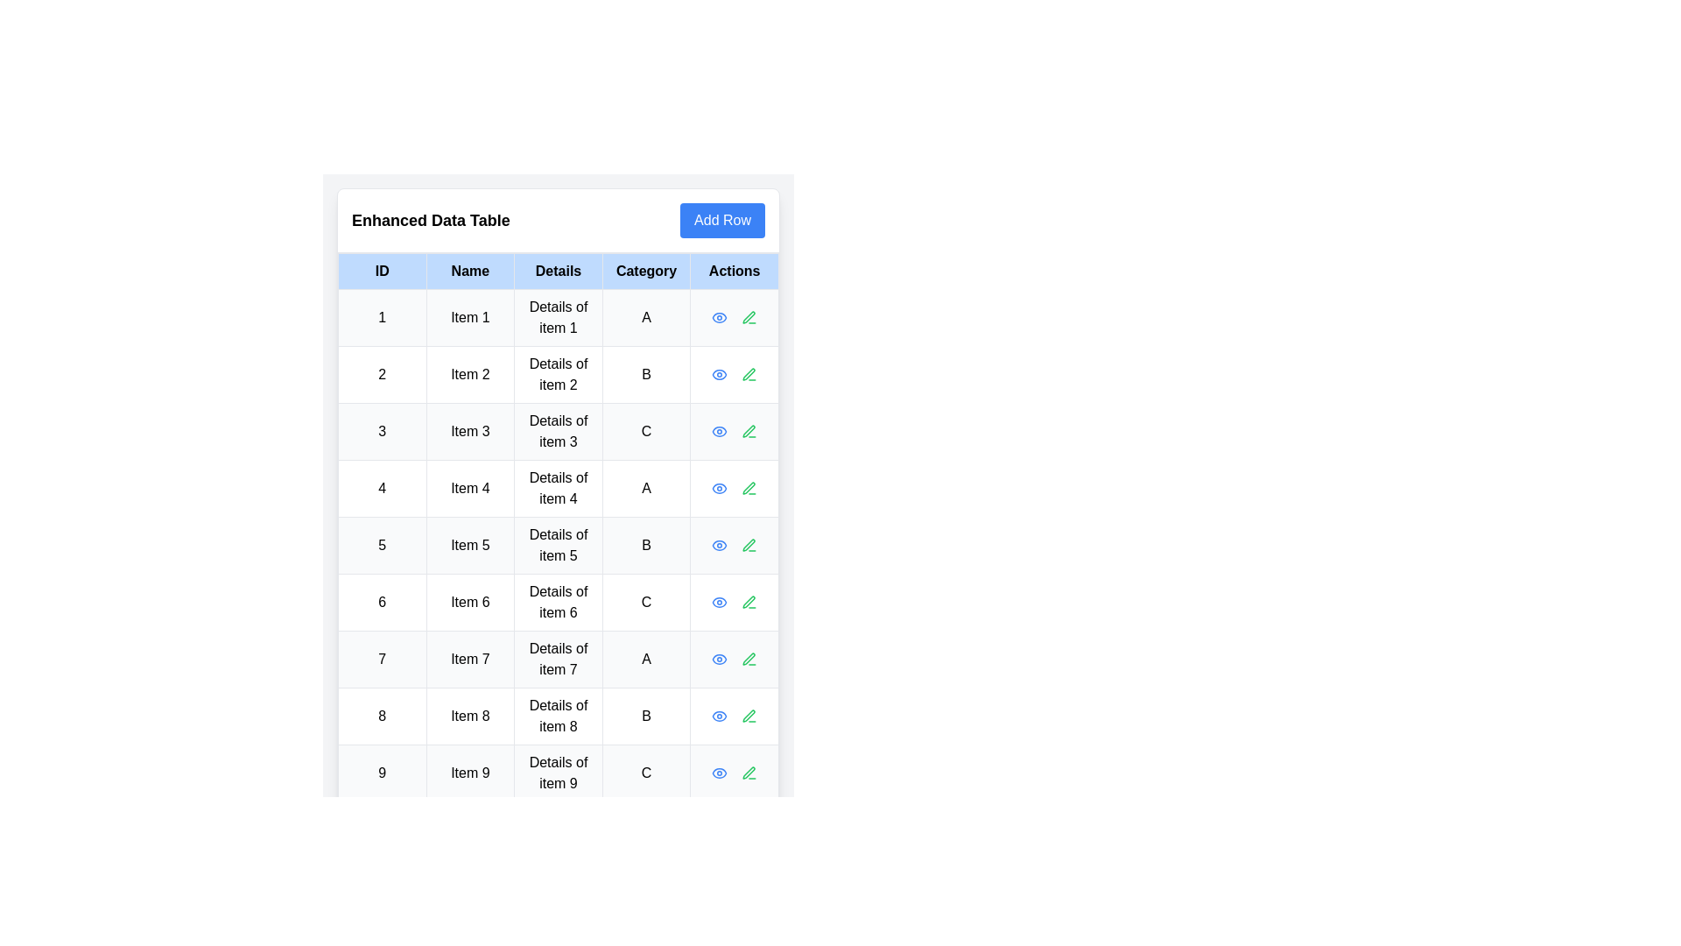  I want to click on the outer elliptical representation of the eye icon located in the Actions column of the third row in the table, so click(720, 432).